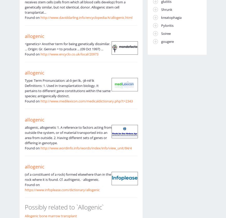 The height and width of the screenshot is (218, 226). What do you see at coordinates (86, 100) in the screenshot?
I see `'http://www.medilexicon.com/medicaldictionary.php?t=2343'` at bounding box center [86, 100].